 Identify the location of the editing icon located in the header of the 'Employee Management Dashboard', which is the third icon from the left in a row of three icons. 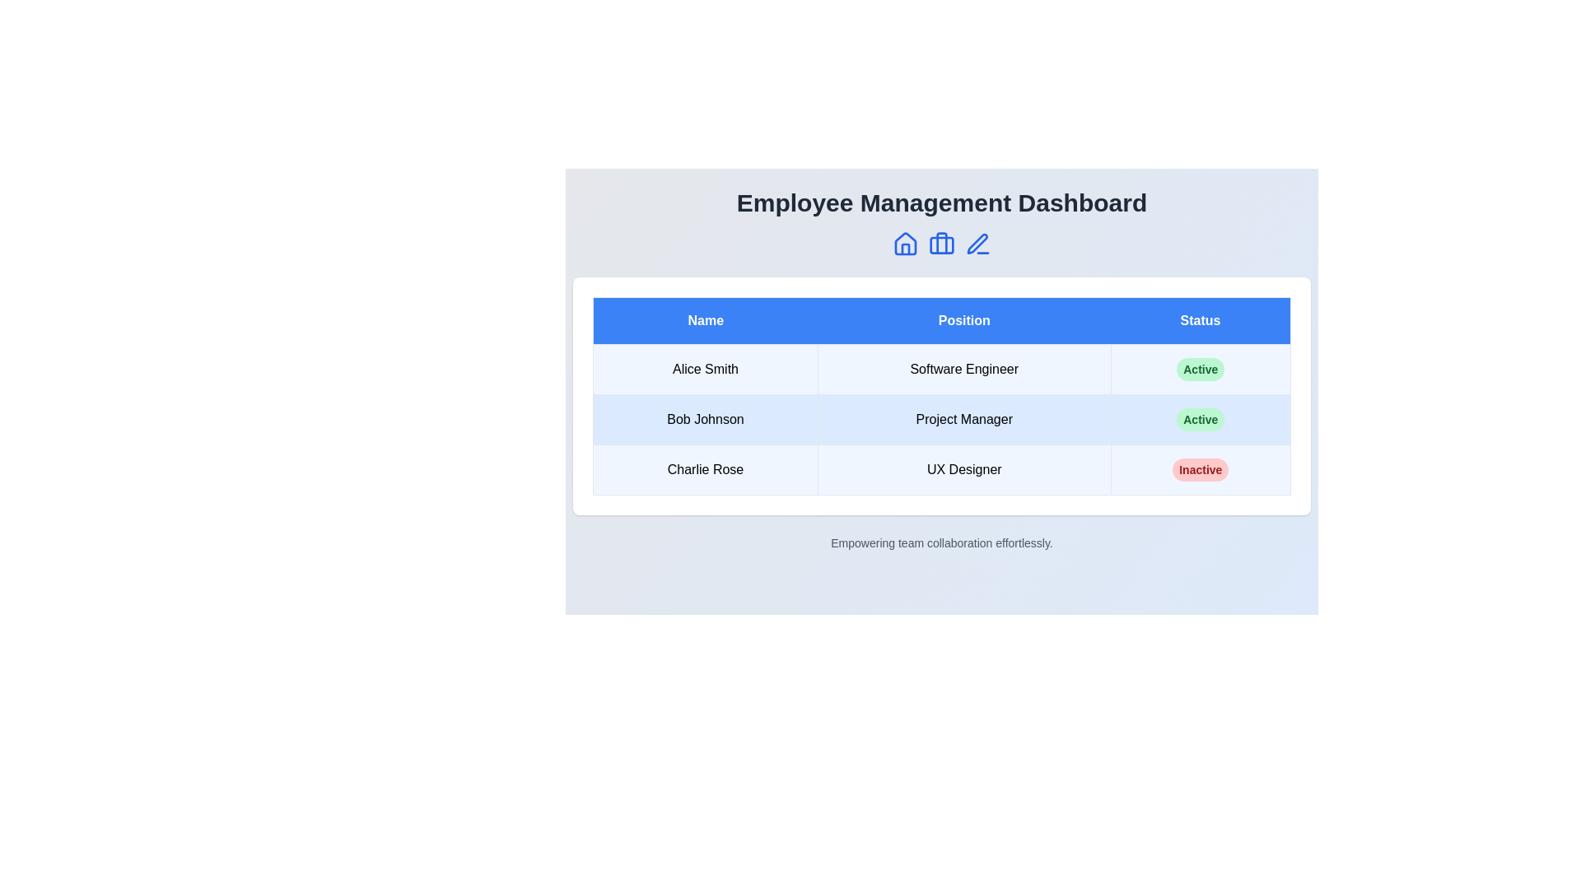
(977, 244).